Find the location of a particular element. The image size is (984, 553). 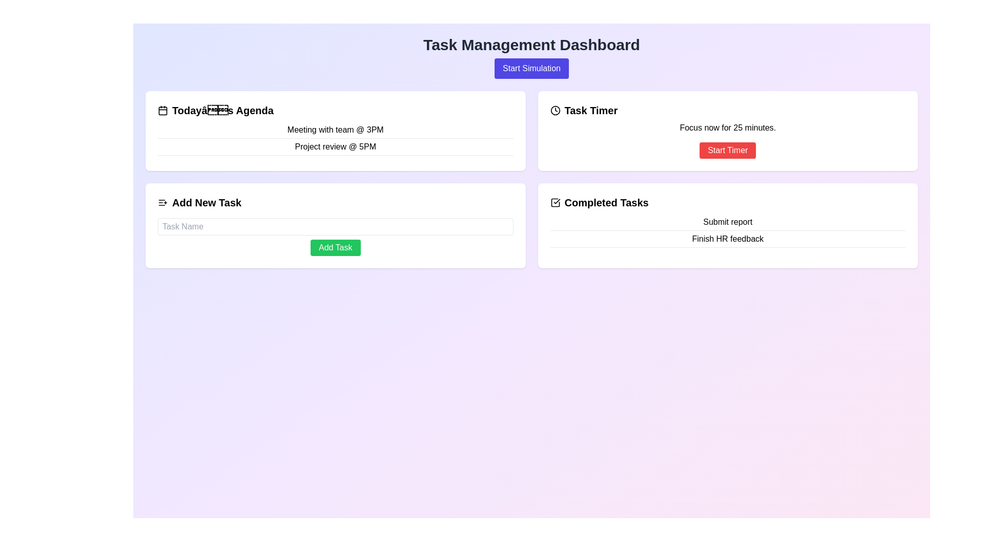

the rectangular 'Add Task' button with a green background and white text, located below the 'Task Name' input field is located at coordinates (335, 237).